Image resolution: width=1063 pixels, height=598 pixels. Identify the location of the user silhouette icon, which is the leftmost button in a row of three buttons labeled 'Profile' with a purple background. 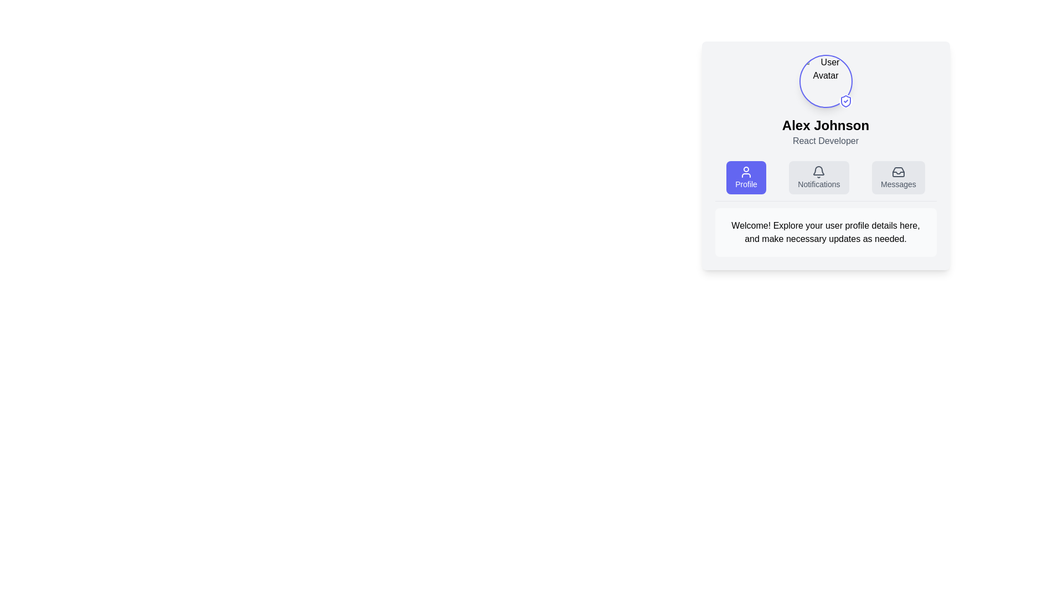
(746, 172).